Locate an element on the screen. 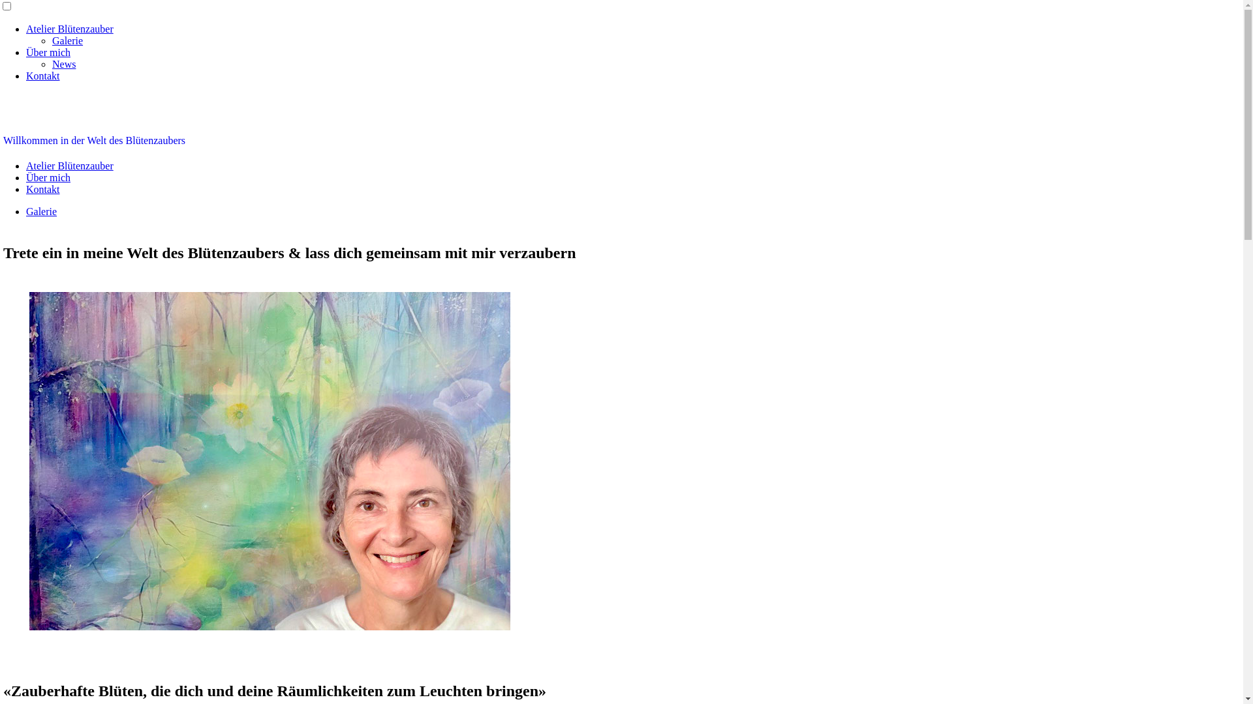 This screenshot has height=704, width=1253. 'Galerie' is located at coordinates (41, 211).